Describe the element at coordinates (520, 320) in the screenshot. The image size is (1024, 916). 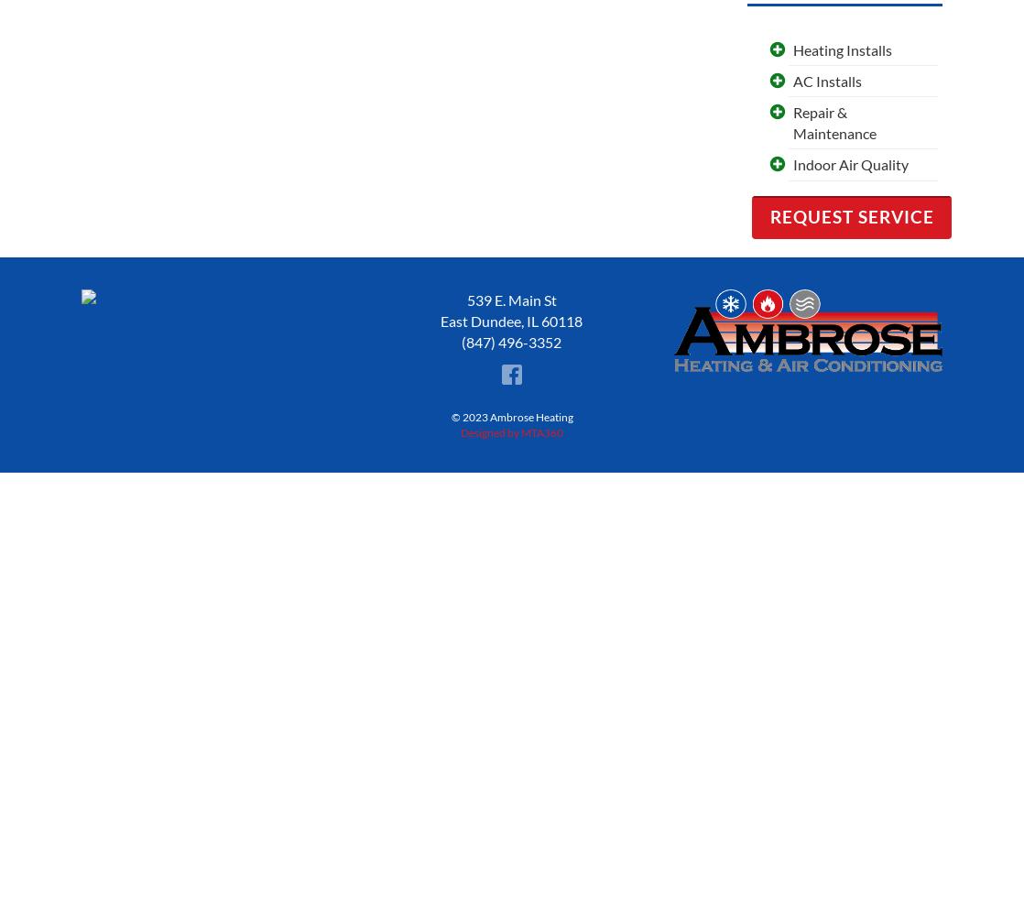
I see `','` at that location.